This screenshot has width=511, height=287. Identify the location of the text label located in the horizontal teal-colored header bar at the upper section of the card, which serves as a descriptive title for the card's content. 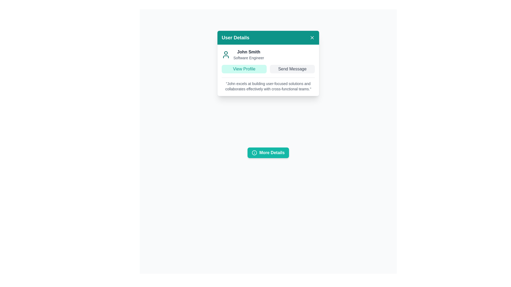
(235, 37).